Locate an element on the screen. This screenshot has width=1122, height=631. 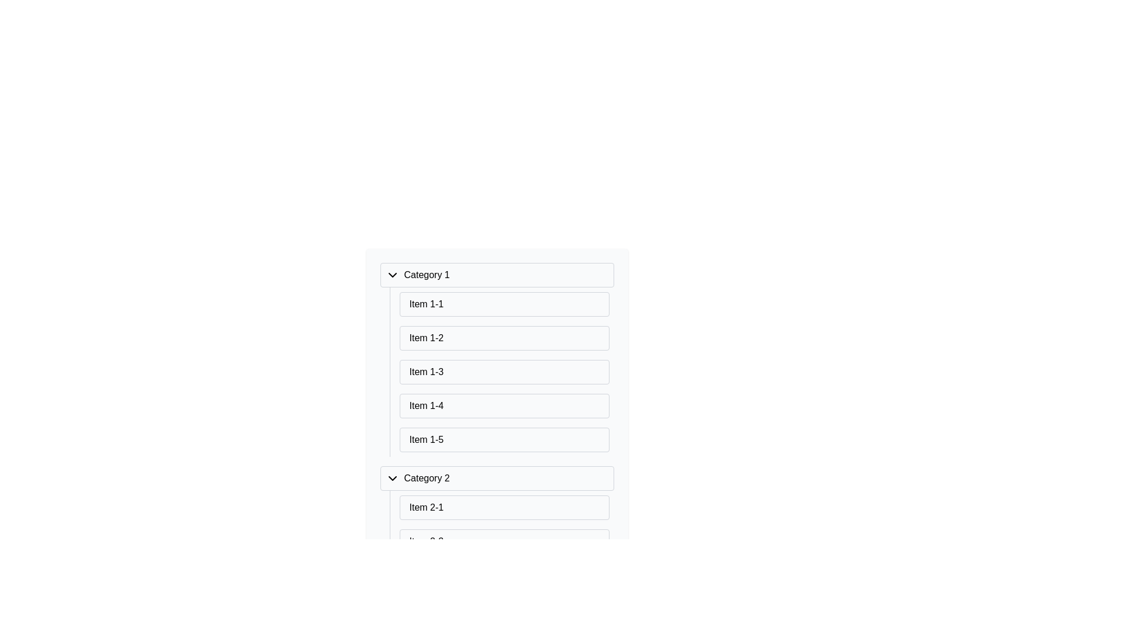
the collapsible section header for 'Category 1' is located at coordinates (497, 275).